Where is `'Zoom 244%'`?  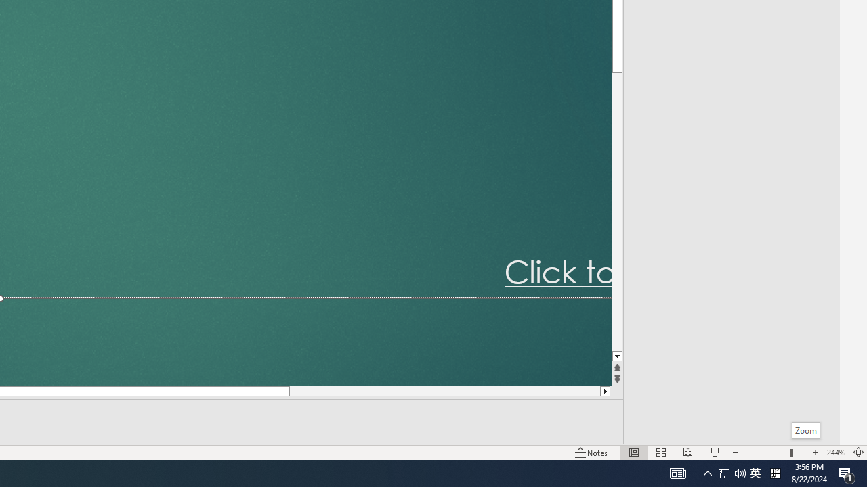
'Zoom 244%' is located at coordinates (835, 453).